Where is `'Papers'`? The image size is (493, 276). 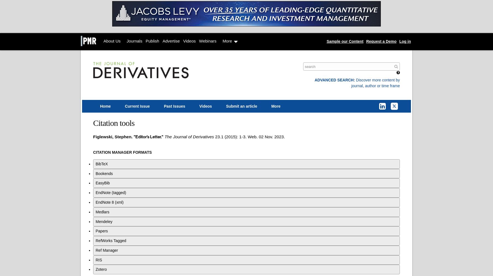 'Papers' is located at coordinates (101, 231).